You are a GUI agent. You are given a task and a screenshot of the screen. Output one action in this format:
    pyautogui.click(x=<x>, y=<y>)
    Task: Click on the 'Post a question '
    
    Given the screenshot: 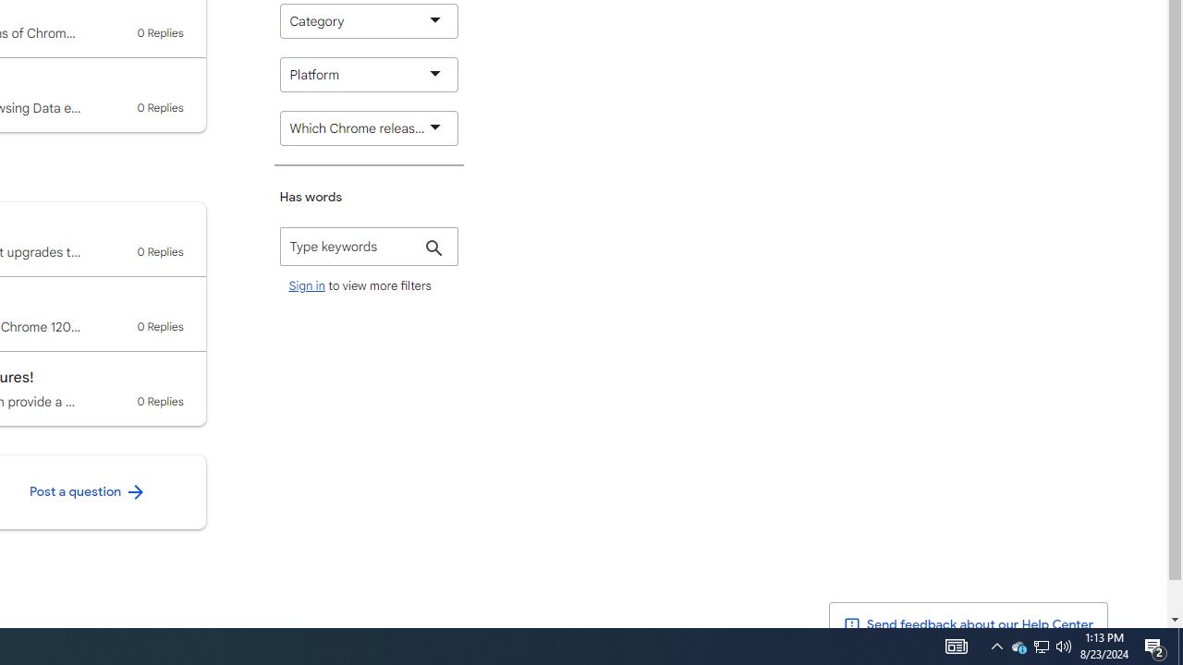 What is the action you would take?
    pyautogui.click(x=86, y=491)
    